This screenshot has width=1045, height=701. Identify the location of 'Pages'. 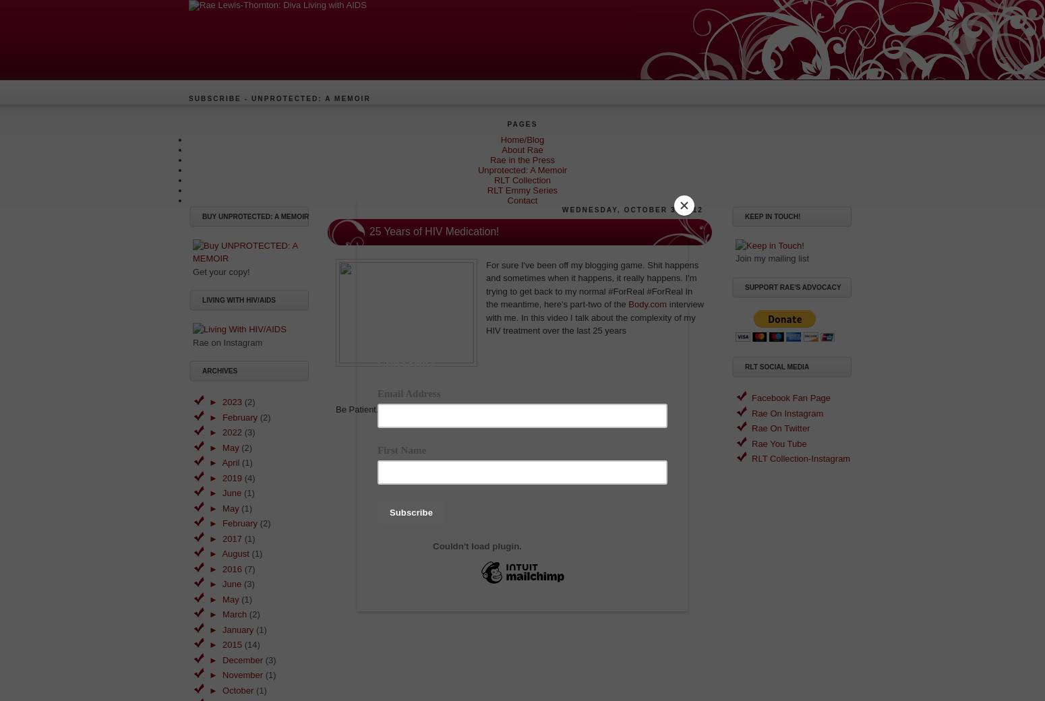
(522, 124).